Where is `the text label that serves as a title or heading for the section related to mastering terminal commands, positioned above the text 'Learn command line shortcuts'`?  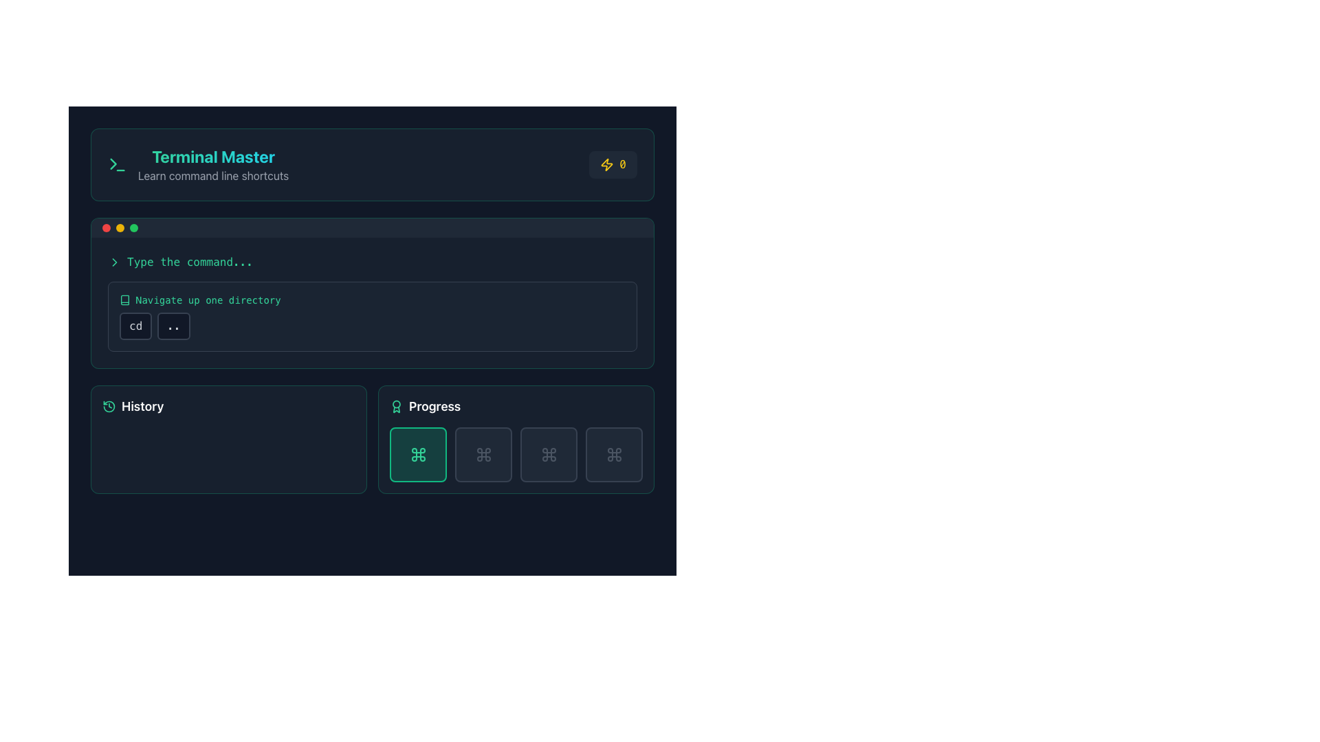 the text label that serves as a title or heading for the section related to mastering terminal commands, positioned above the text 'Learn command line shortcuts' is located at coordinates (212, 155).